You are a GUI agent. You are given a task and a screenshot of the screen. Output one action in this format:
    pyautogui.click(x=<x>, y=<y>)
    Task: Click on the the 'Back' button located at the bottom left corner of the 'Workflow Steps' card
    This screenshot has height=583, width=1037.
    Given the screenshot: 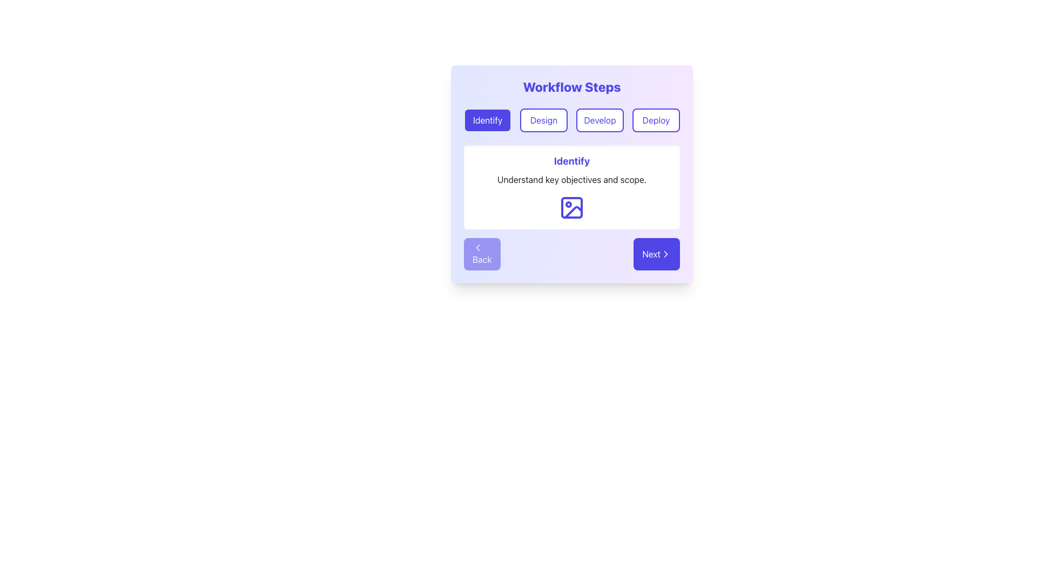 What is the action you would take?
    pyautogui.click(x=481, y=254)
    